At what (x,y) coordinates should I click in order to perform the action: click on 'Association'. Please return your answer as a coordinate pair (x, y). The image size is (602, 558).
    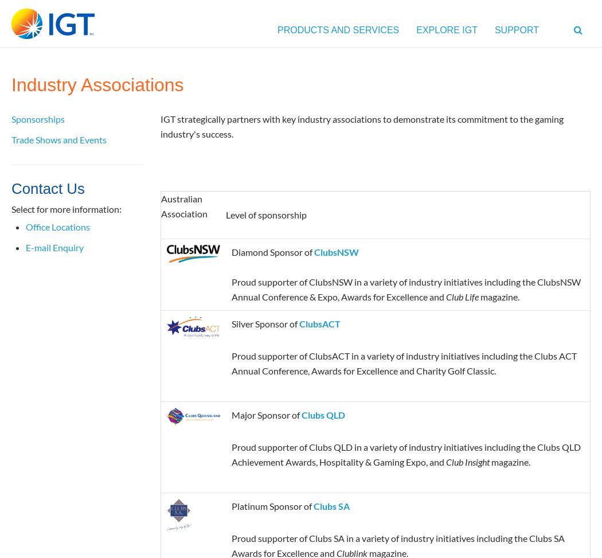
    Looking at the image, I should click on (160, 212).